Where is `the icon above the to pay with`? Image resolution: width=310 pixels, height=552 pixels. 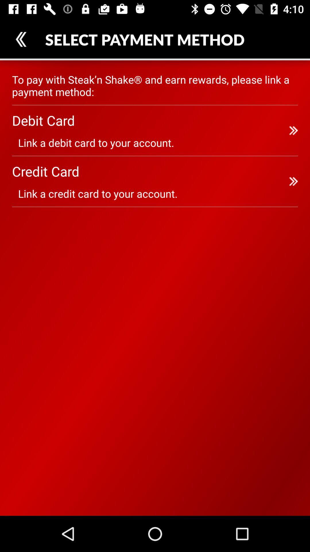
the icon above the to pay with is located at coordinates (21, 39).